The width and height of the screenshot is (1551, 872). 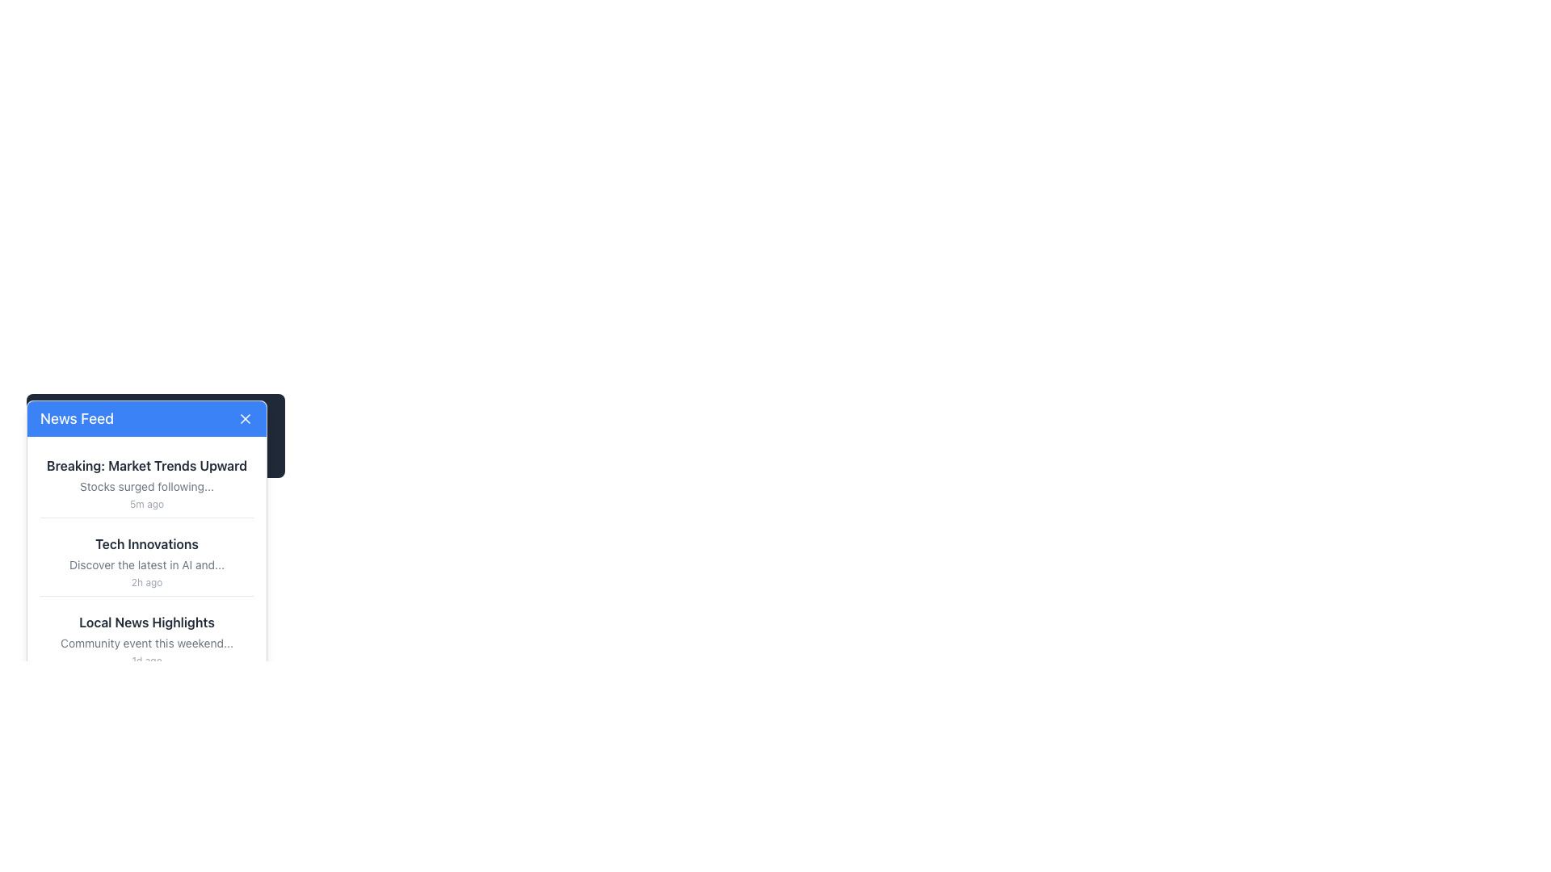 What do you see at coordinates (147, 485) in the screenshot?
I see `informational text snippet that provides a brief summary related to the title 'Breaking: Market Trends Upward', which is located directly before the timestamp '5m ago'` at bounding box center [147, 485].